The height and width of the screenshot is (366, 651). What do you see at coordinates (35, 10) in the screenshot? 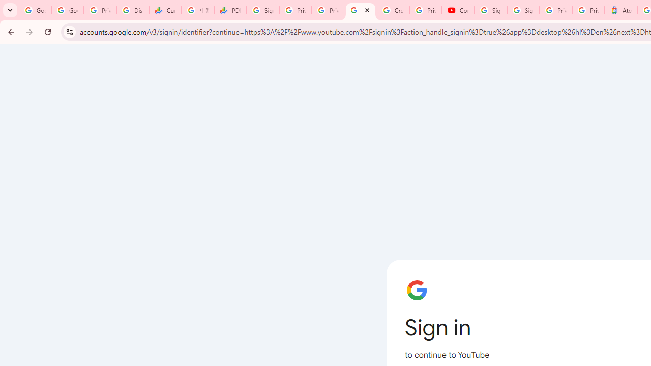
I see `'Google Workspace Admin Community'` at bounding box center [35, 10].